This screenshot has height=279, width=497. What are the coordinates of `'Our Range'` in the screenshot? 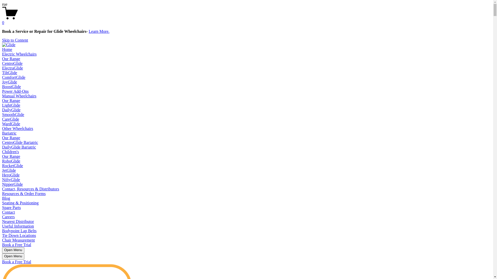 It's located at (2, 100).